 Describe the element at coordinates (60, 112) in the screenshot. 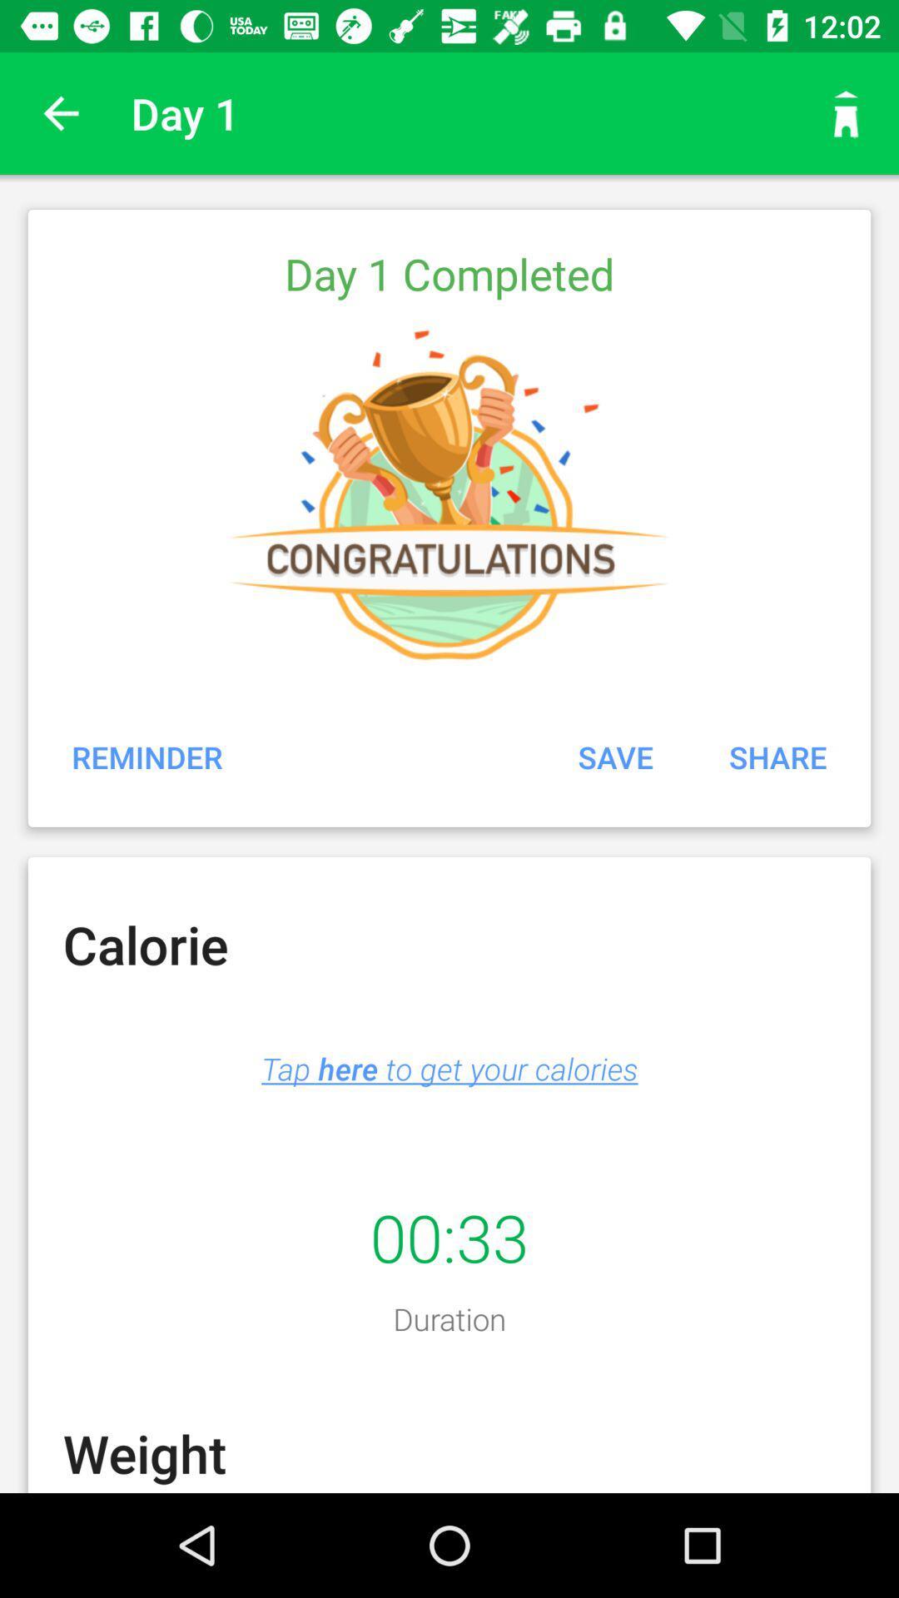

I see `app next to the day 1` at that location.